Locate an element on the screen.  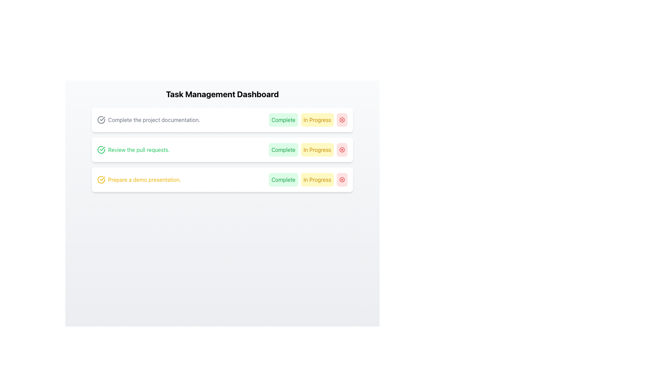
the graphical component representing the upper portion of a circular border in the checkmark icon next to the text 'Prepare a demo presentation.' is located at coordinates (101, 179).